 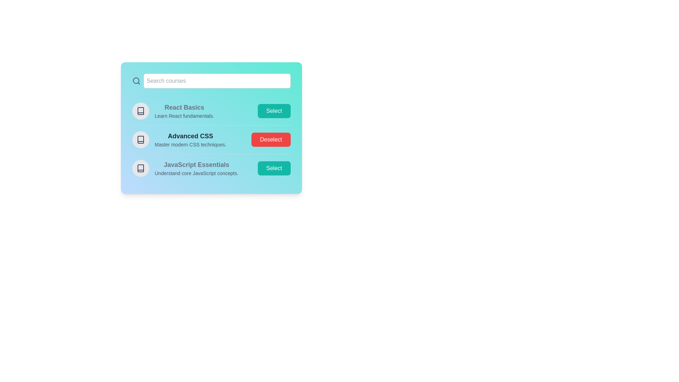 What do you see at coordinates (274, 111) in the screenshot?
I see `'Select' button for the course titled 'React Basics'` at bounding box center [274, 111].